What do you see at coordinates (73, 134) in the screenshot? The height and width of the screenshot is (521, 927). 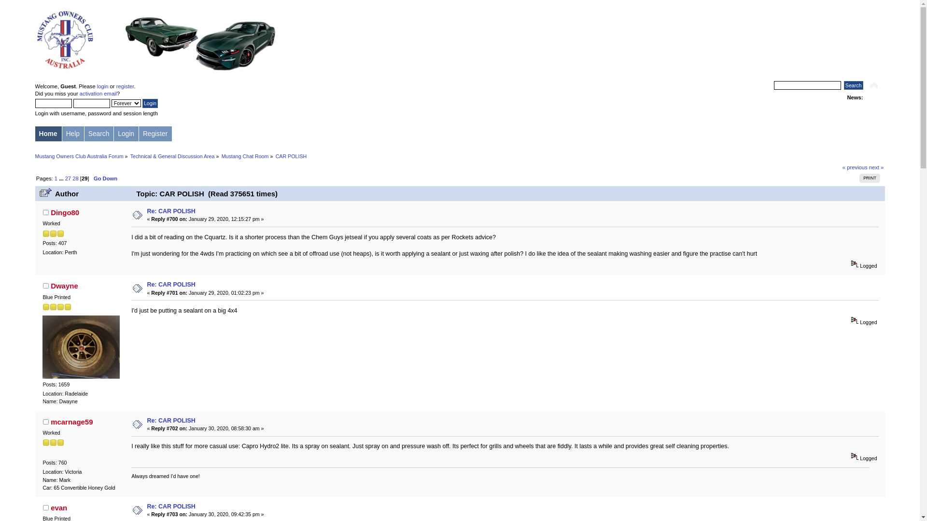 I see `'Help'` at bounding box center [73, 134].